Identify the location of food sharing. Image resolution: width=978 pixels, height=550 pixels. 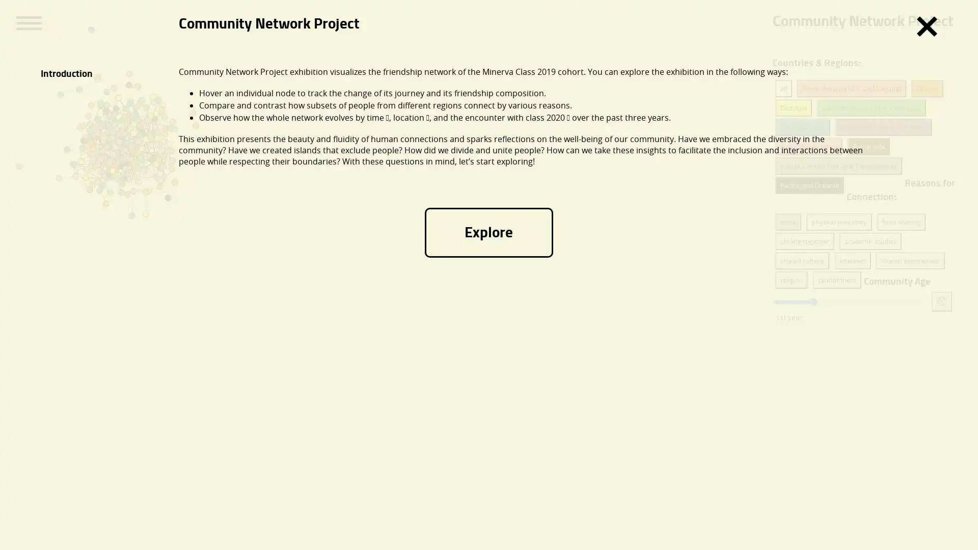
(901, 221).